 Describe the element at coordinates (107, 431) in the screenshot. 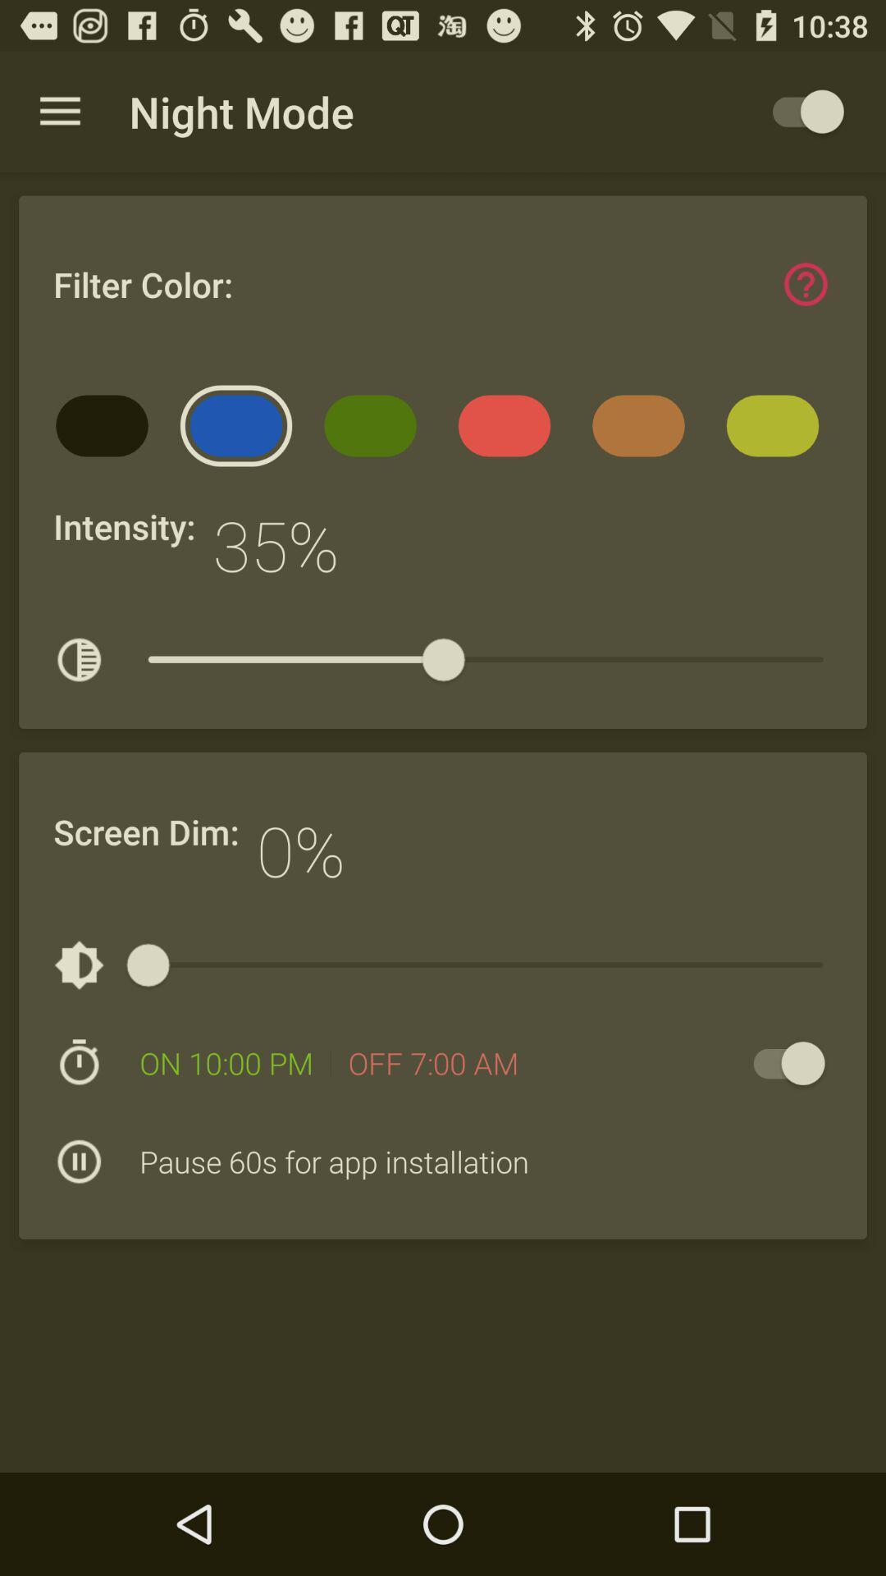

I see `the item above the intensity:` at that location.